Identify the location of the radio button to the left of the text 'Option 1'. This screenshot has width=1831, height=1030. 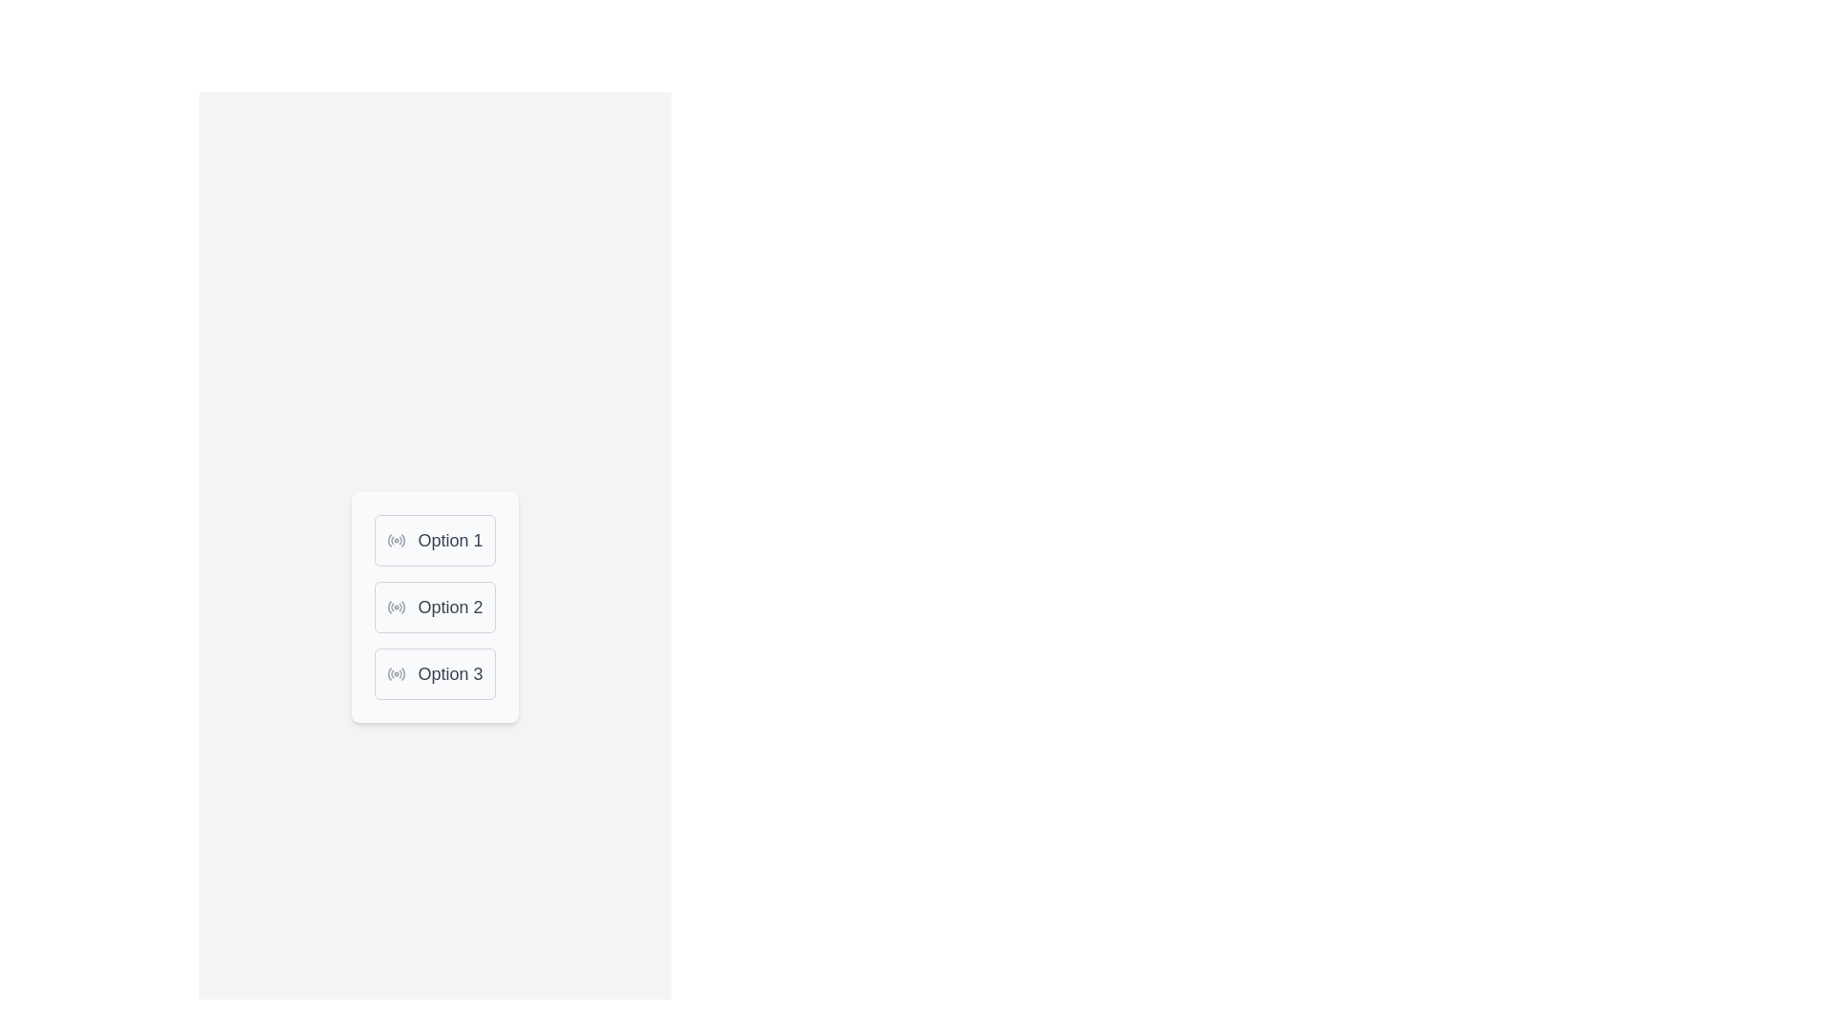
(396, 541).